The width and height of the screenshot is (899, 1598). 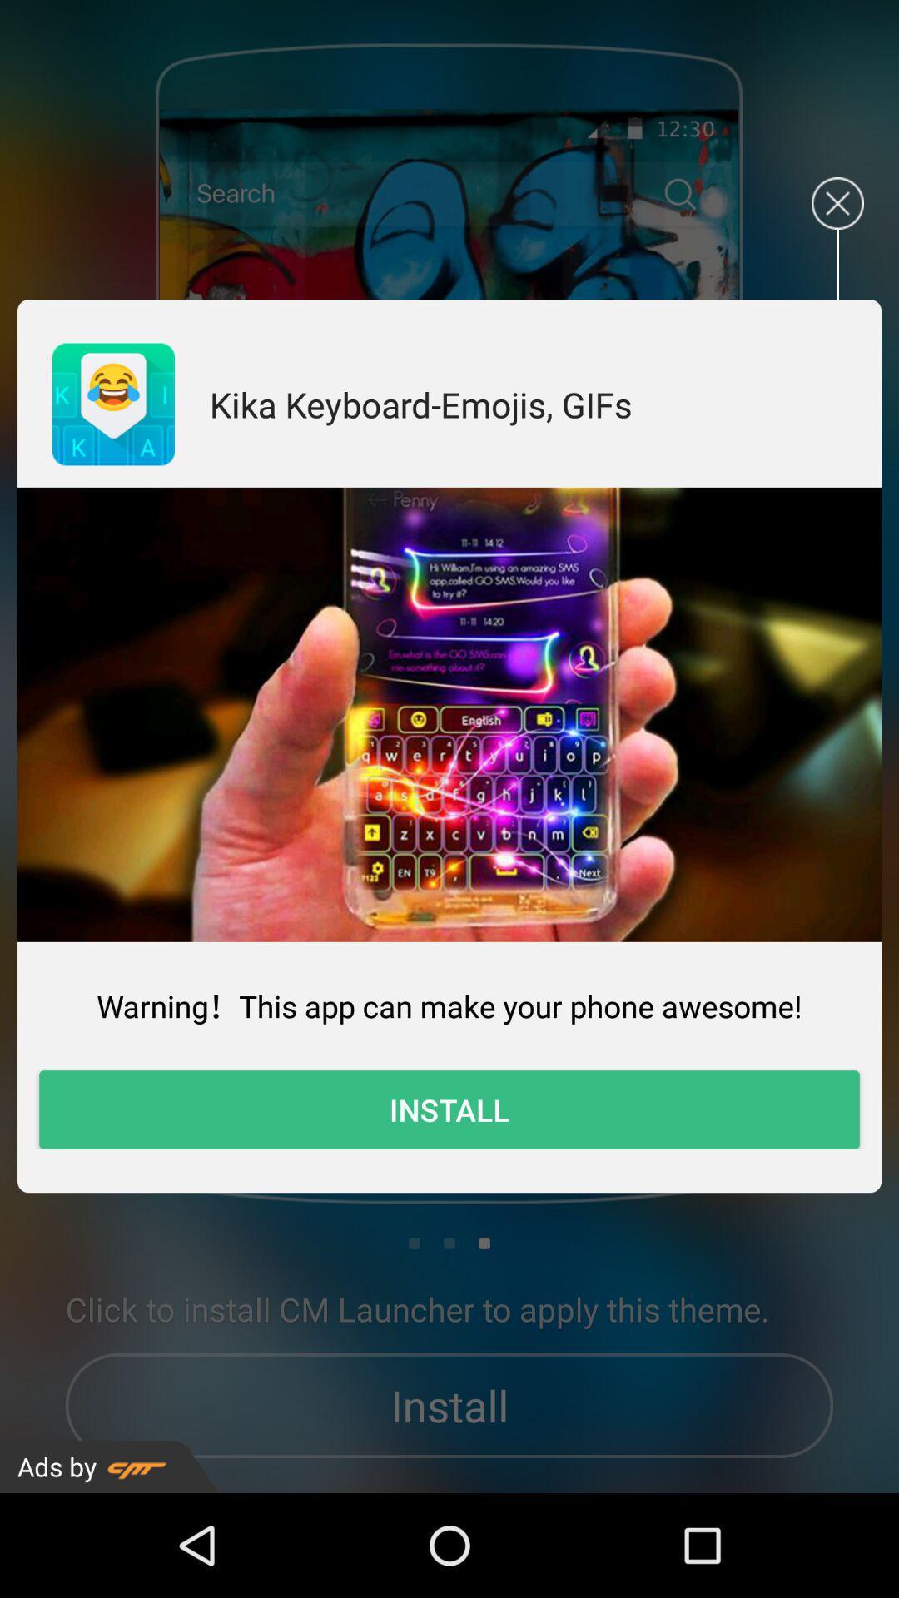 What do you see at coordinates (449, 1109) in the screenshot?
I see `the item below the warning this app item` at bounding box center [449, 1109].